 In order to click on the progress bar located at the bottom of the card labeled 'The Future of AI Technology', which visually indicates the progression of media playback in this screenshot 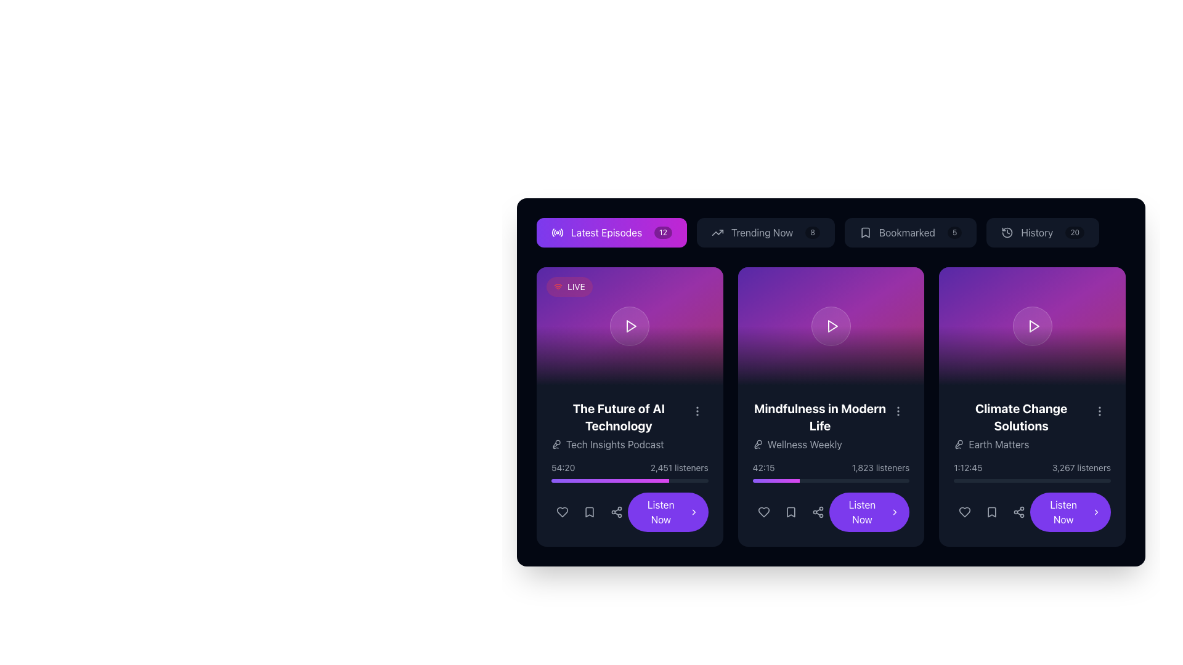, I will do `click(610, 480)`.